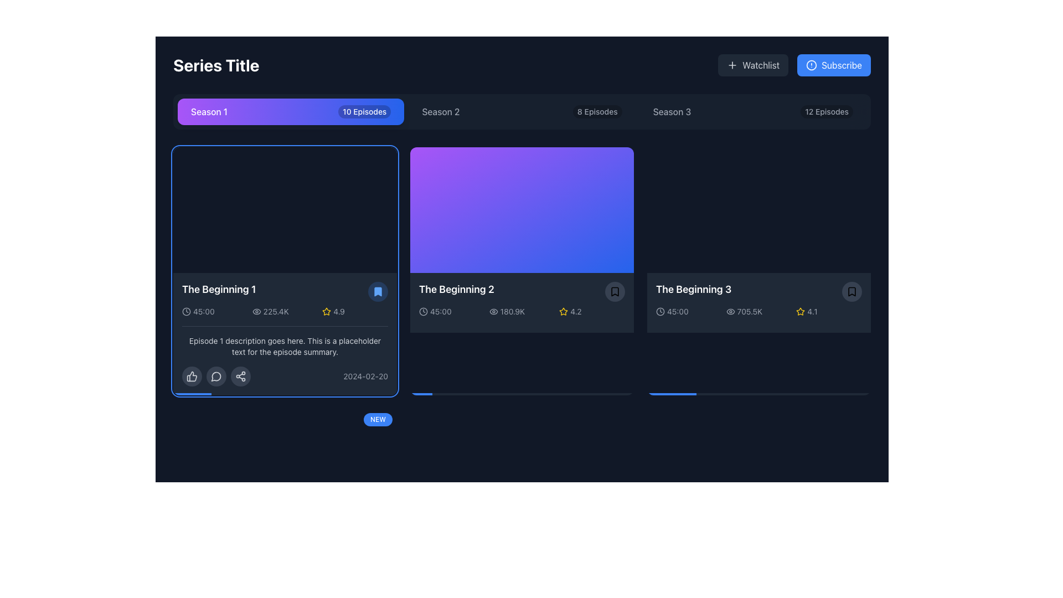  I want to click on the bookmark-shaped icon outlined in white on a dark background, located on the right side of the second card in the carousel, so click(614, 291).